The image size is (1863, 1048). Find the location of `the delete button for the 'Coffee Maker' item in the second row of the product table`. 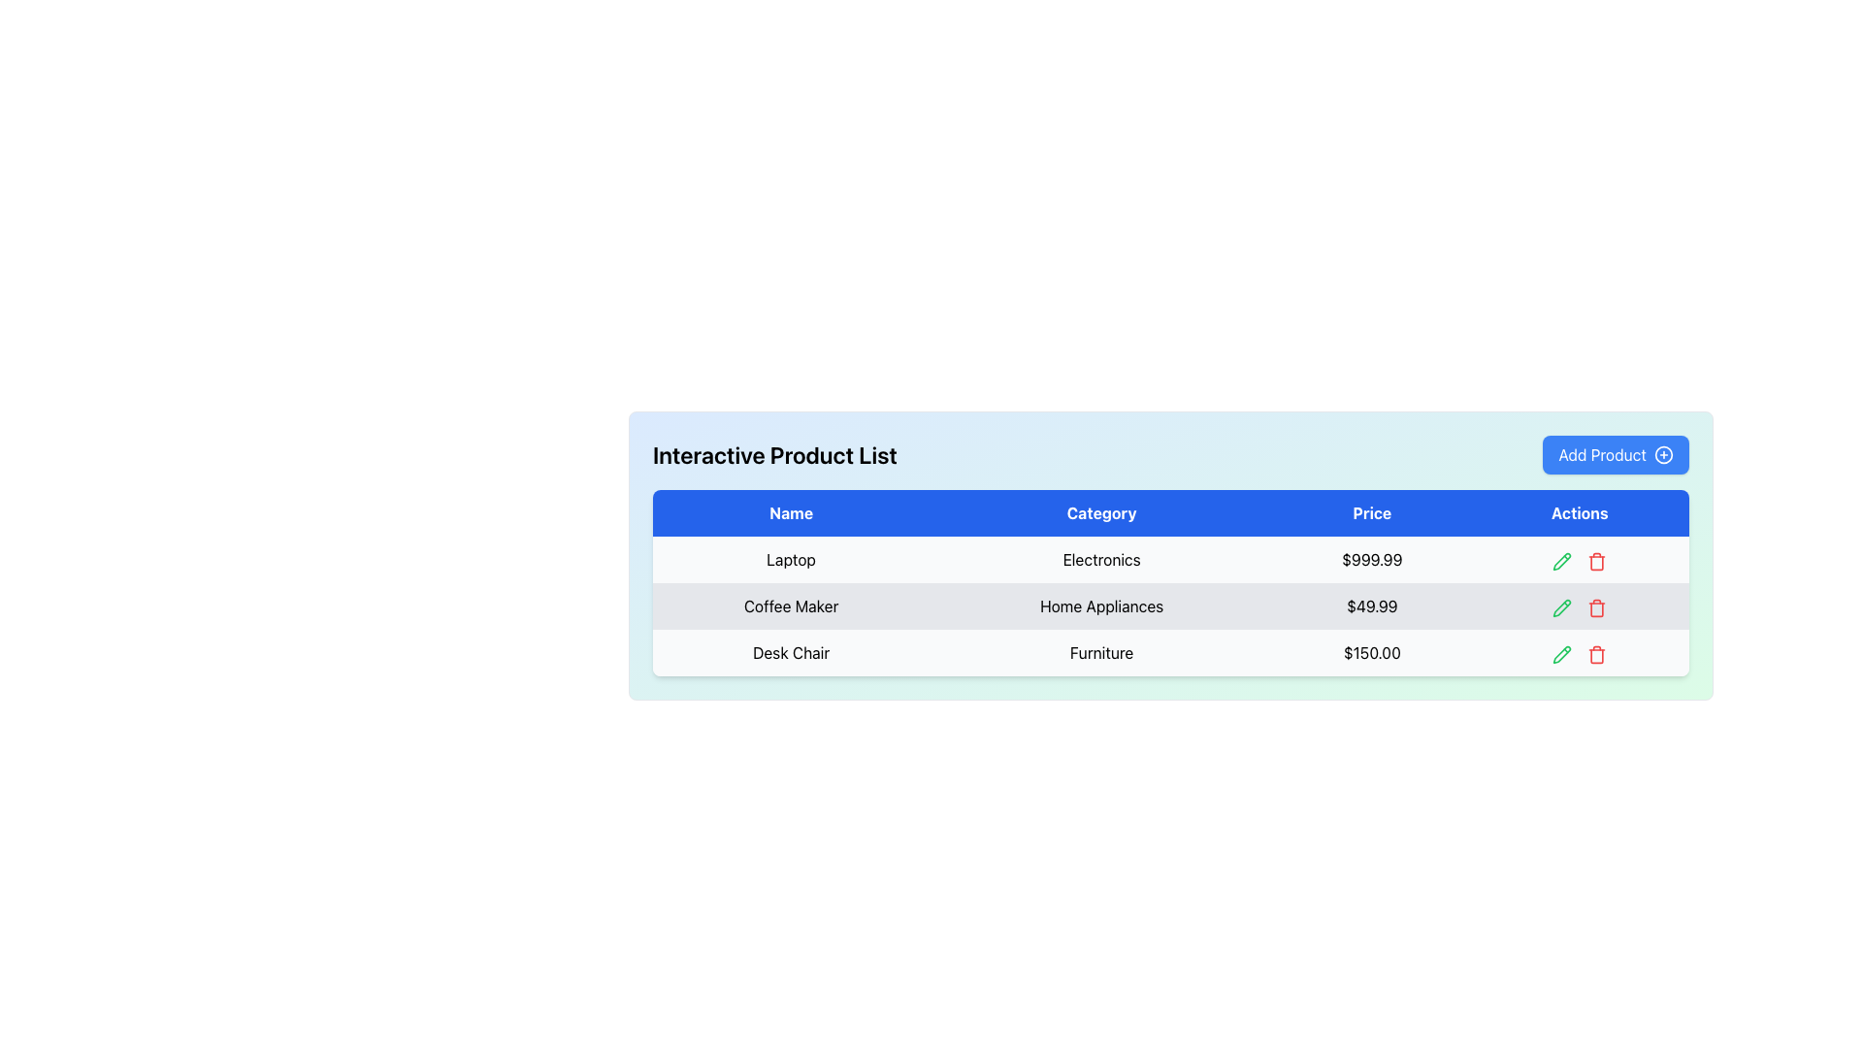

the delete button for the 'Coffee Maker' item in the second row of the product table is located at coordinates (1597, 605).